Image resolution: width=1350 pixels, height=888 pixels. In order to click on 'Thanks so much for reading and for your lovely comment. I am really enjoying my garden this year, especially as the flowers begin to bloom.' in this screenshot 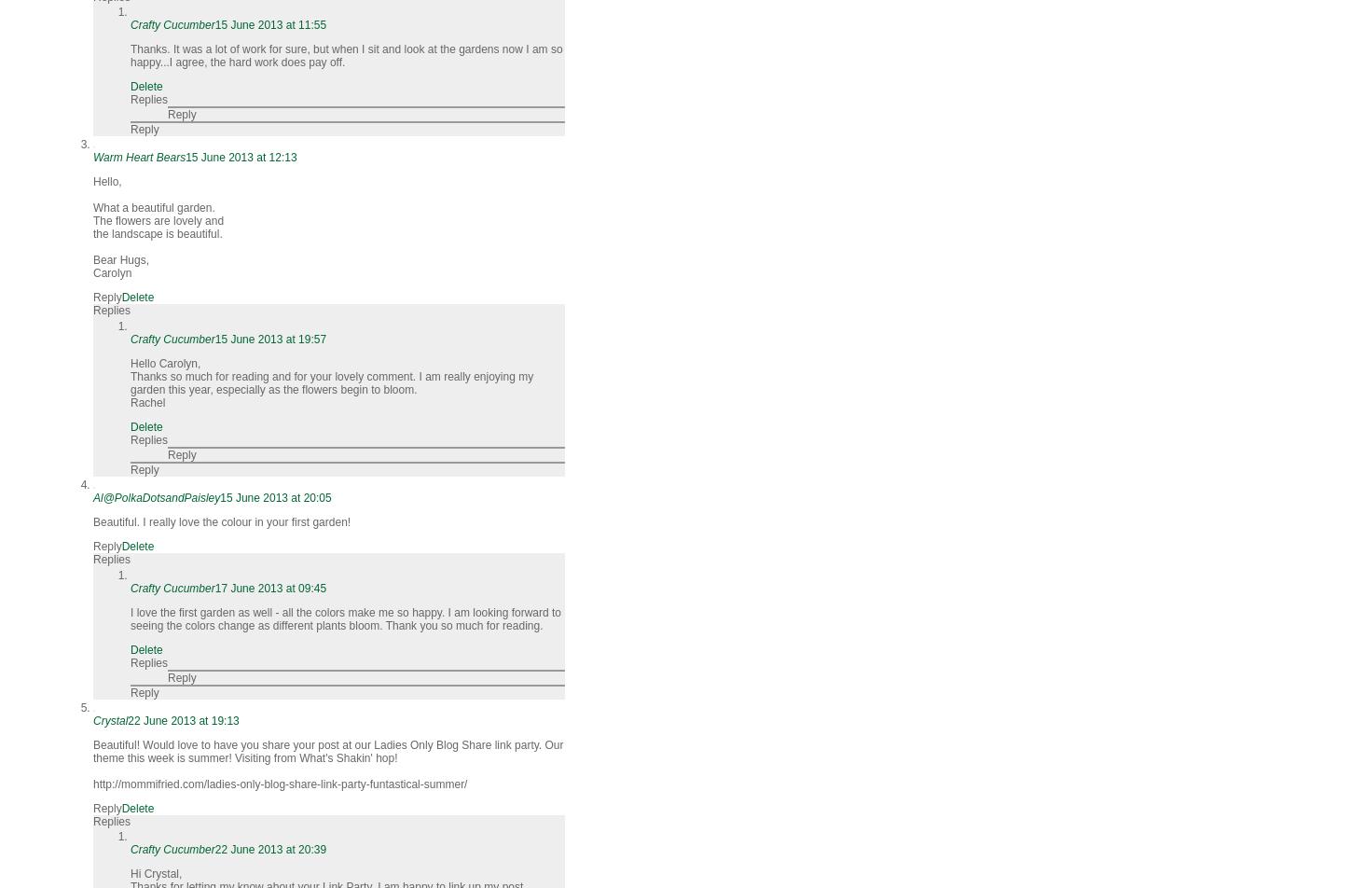, I will do `click(331, 382)`.